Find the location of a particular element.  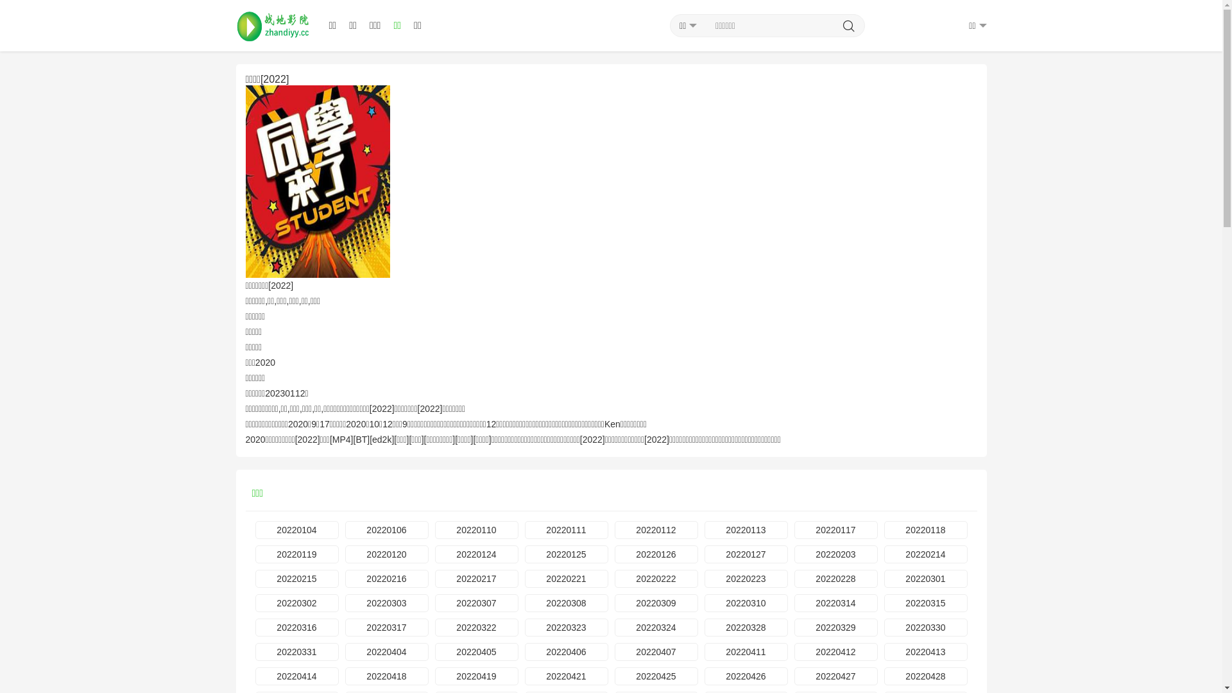

'20220308' is located at coordinates (566, 603).